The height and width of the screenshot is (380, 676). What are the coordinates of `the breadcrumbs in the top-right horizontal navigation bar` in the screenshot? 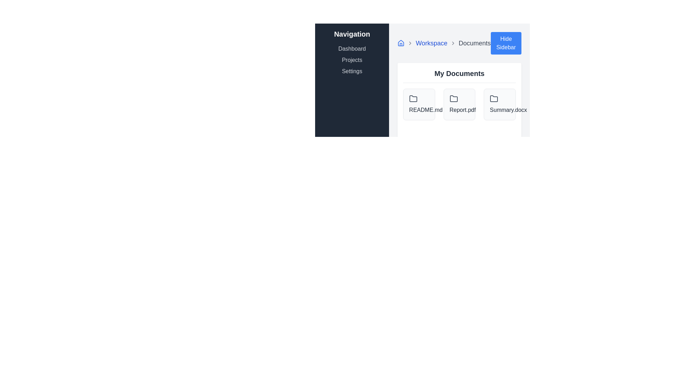 It's located at (459, 43).